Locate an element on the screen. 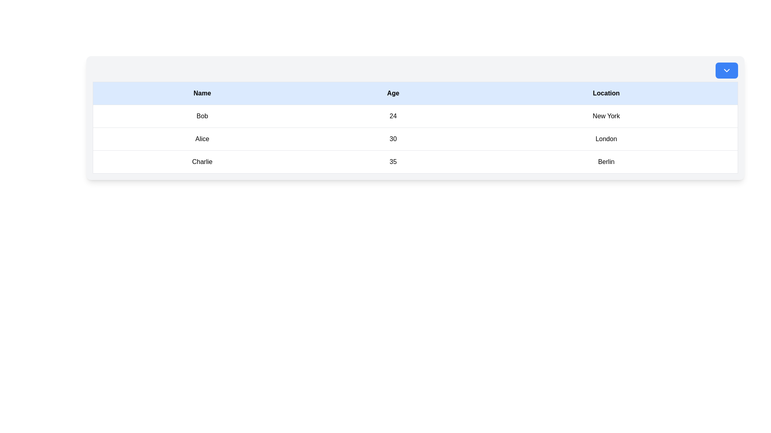 The image size is (771, 433). the content of the third row in the table displaying the fields 'Name', 'Age', and 'Location' is located at coordinates (415, 162).